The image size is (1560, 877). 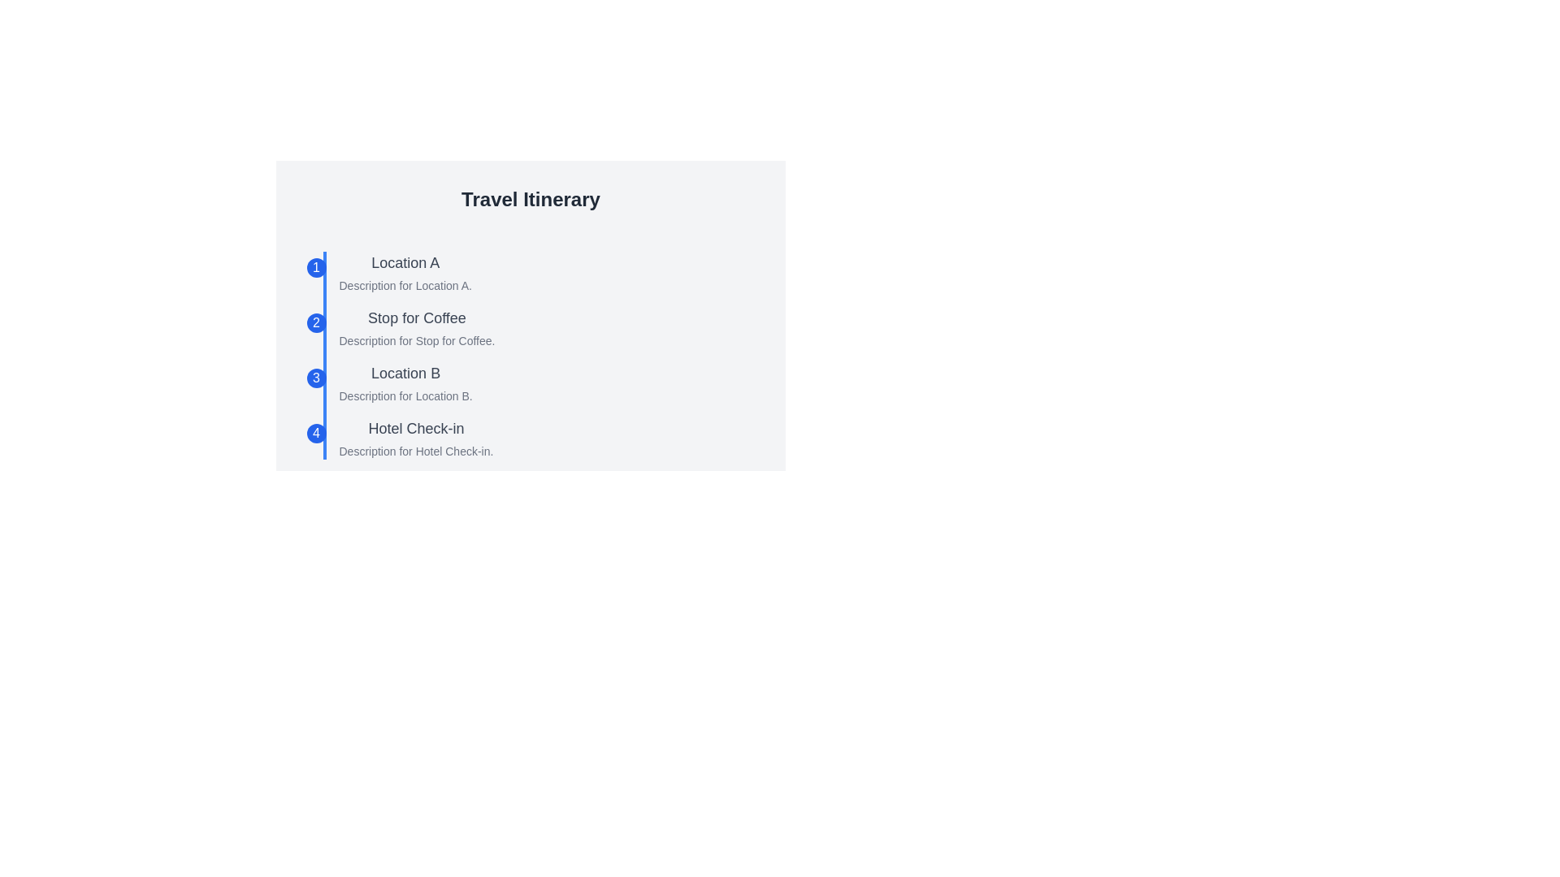 I want to click on the descriptive label located directly below the heading 'Stop for Coffee' in the Travel Itinerary section, so click(x=417, y=340).